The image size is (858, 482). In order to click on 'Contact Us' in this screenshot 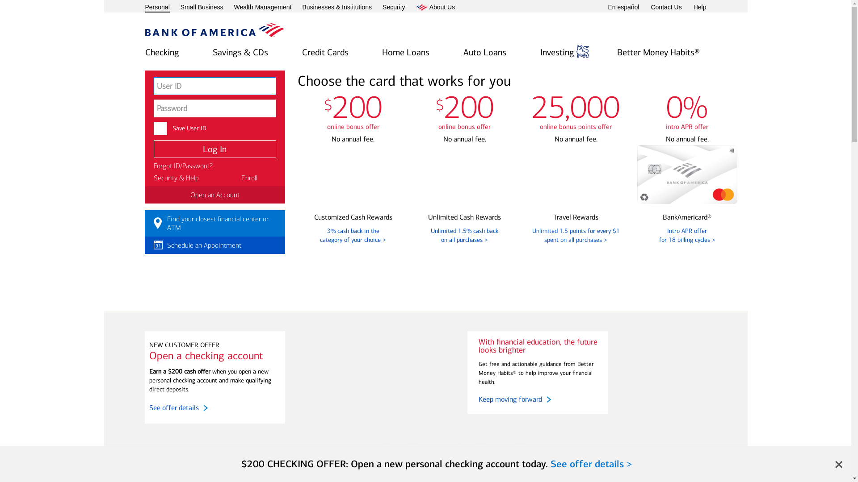, I will do `click(666, 7)`.